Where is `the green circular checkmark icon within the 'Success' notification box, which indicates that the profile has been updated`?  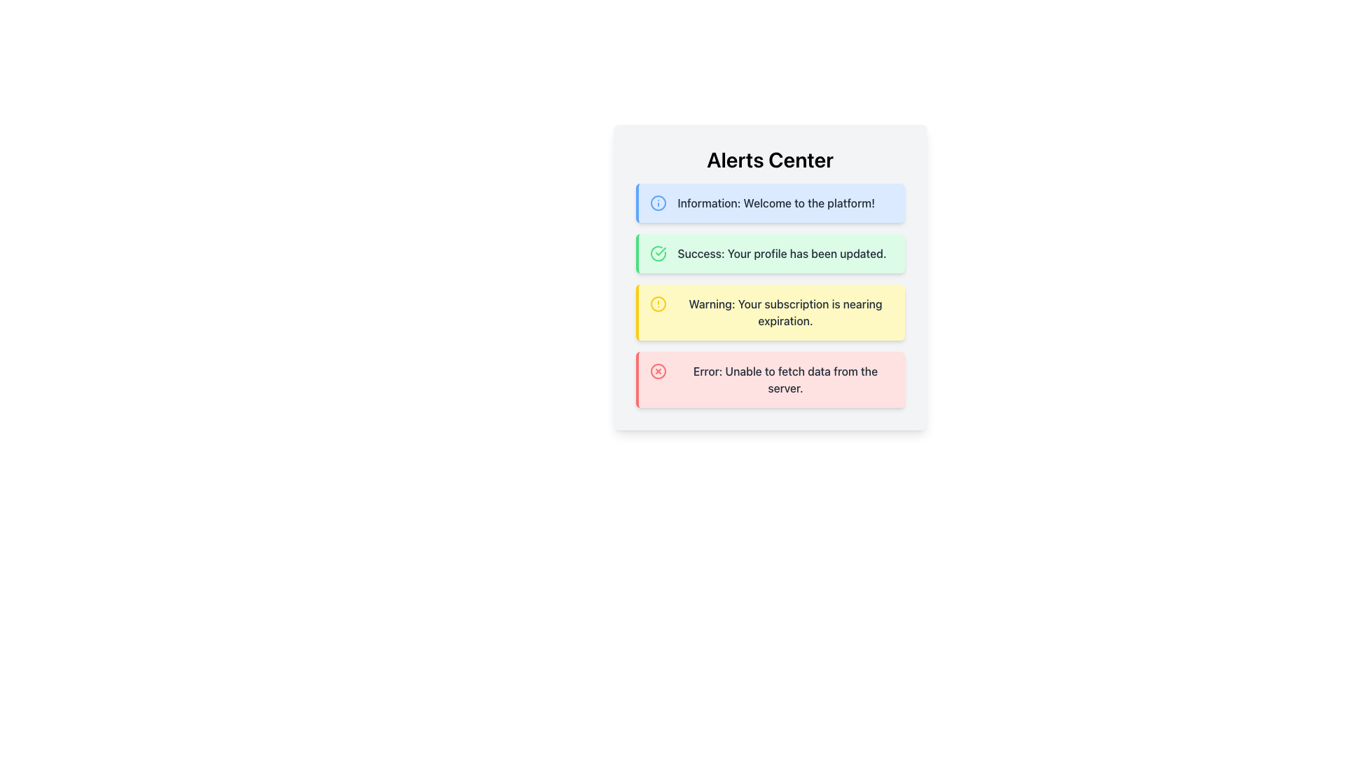 the green circular checkmark icon within the 'Success' notification box, which indicates that the profile has been updated is located at coordinates (659, 250).